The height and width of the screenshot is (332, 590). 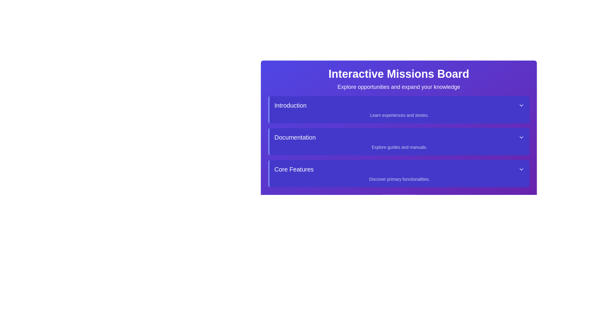 What do you see at coordinates (290, 105) in the screenshot?
I see `the Text Label element that serves as a heading for the section, which contains the text 'Introduction'` at bounding box center [290, 105].